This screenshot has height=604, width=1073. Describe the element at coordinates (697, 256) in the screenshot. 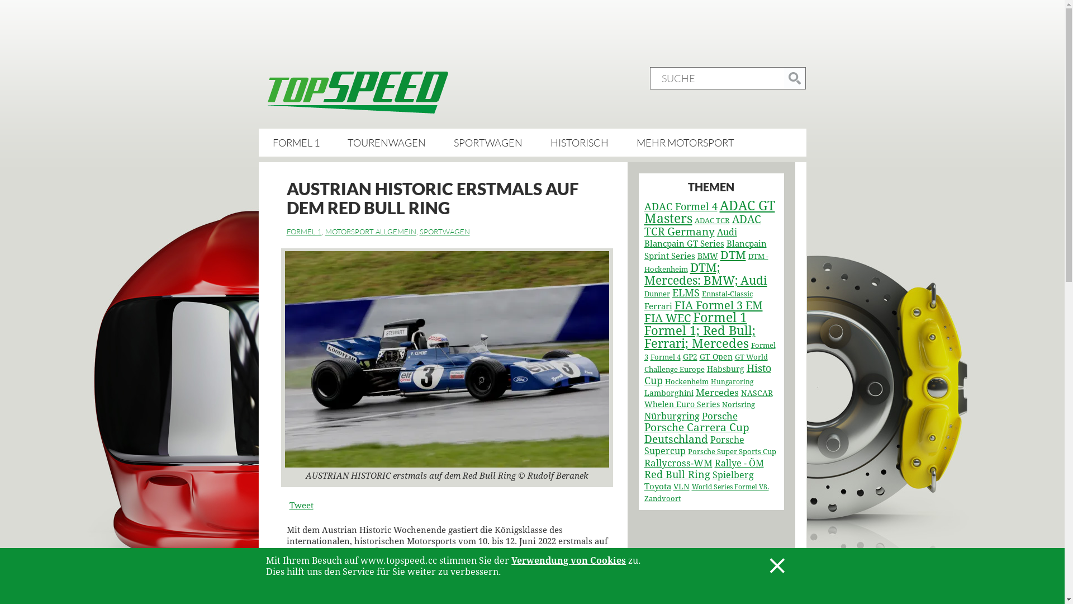

I see `'BMW'` at that location.